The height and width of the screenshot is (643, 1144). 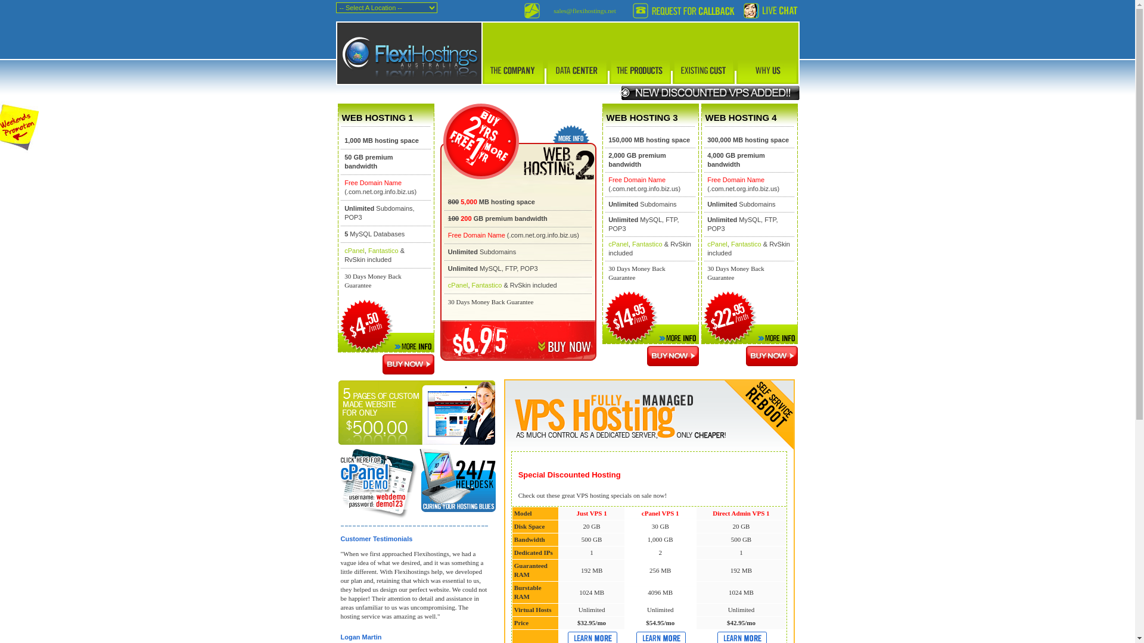 I want to click on 'cPanel', so click(x=354, y=249).